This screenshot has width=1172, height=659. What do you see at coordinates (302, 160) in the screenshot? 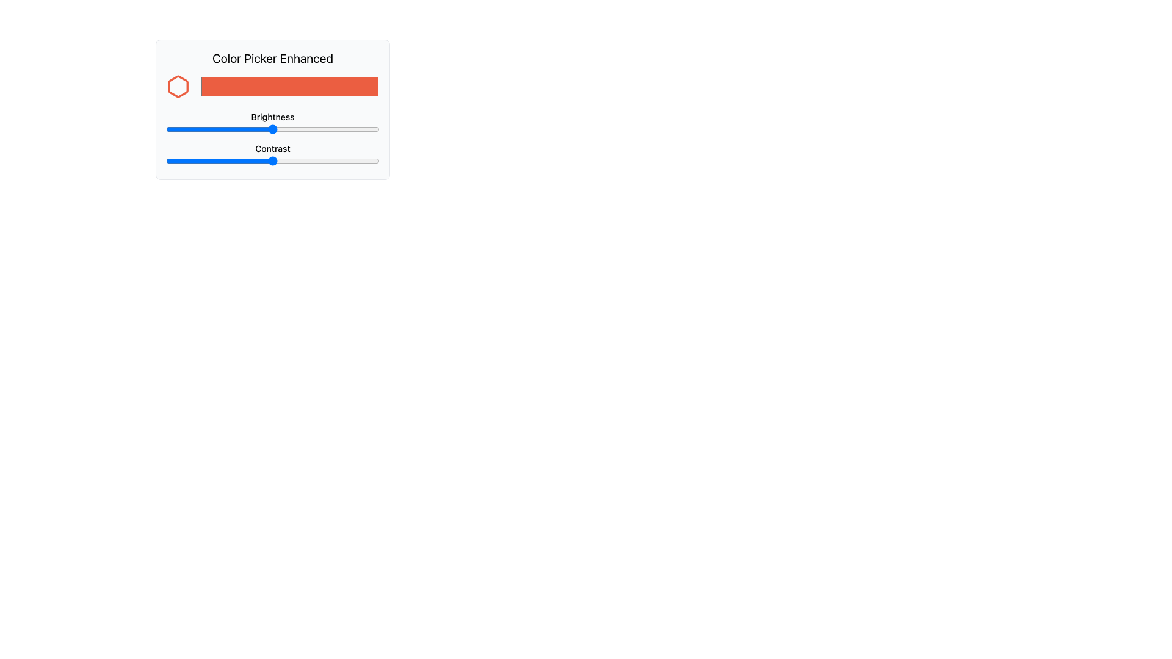
I see `the contrast value` at bounding box center [302, 160].